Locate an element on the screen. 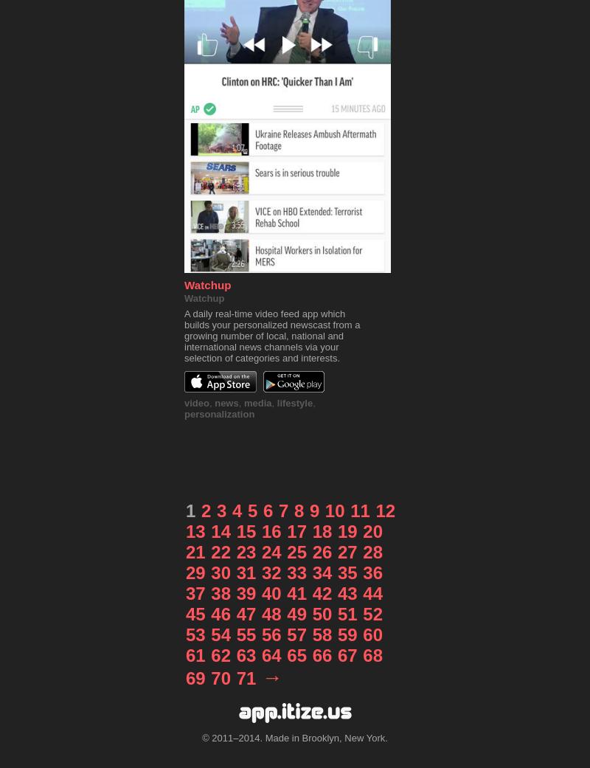 Image resolution: width=590 pixels, height=768 pixels. '5' is located at coordinates (252, 510).